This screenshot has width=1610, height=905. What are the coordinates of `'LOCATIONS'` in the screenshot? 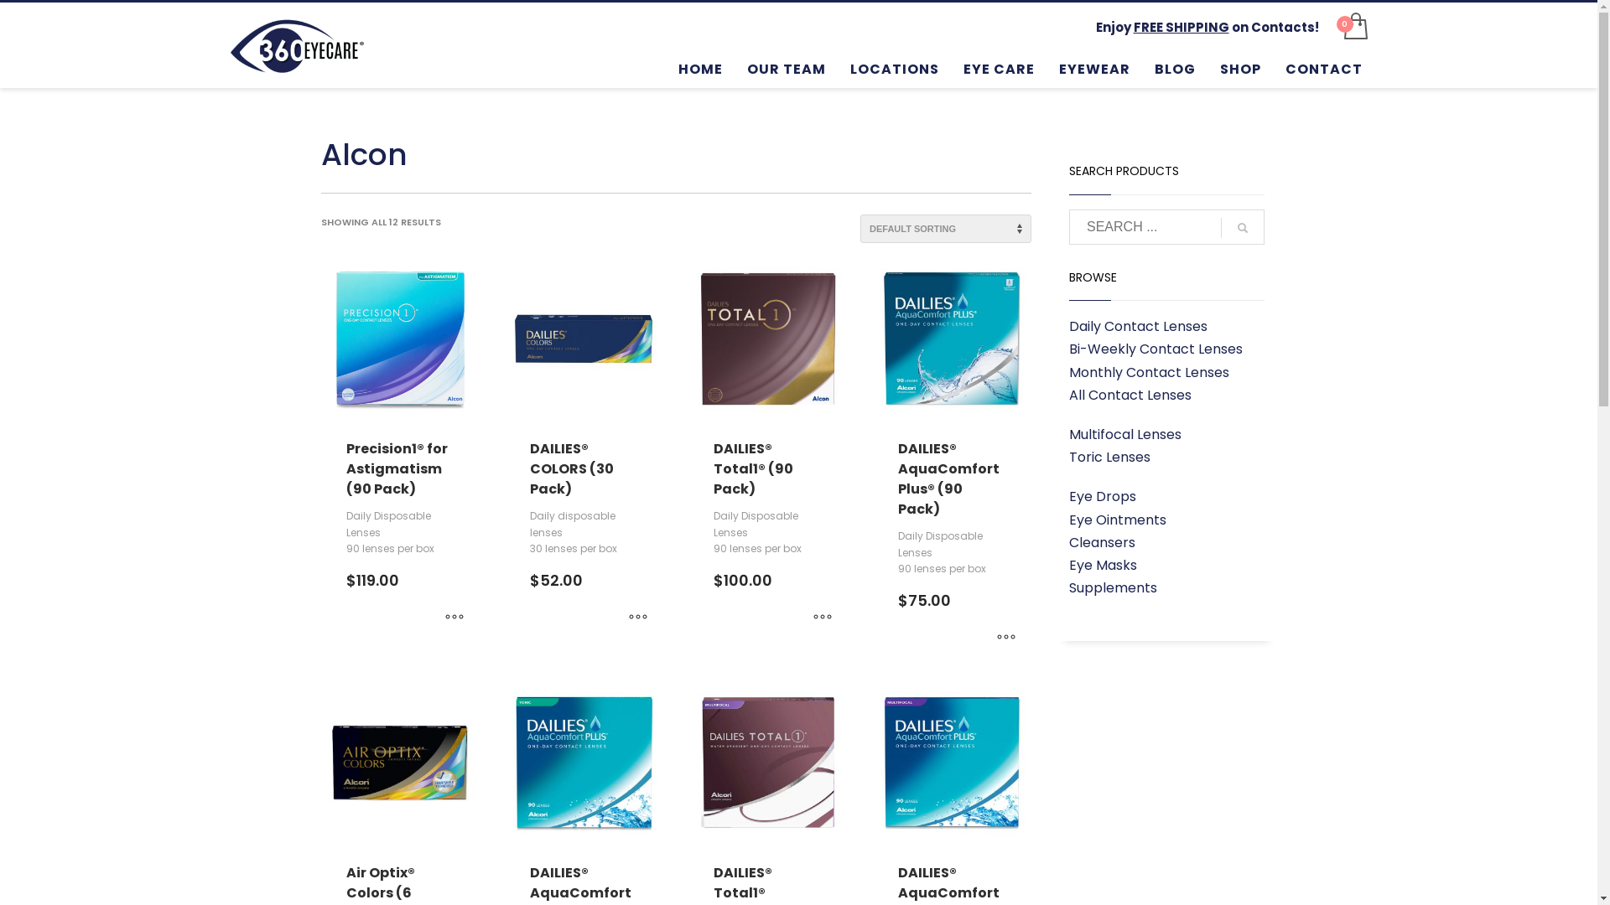 It's located at (893, 67).